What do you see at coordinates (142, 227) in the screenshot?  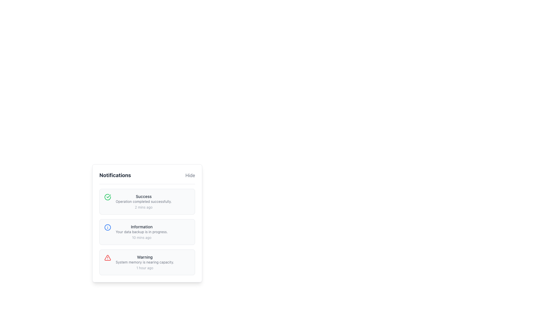 I see `the static text label reading 'Information' which is styled in dark gray and is located at the top of the notification card` at bounding box center [142, 227].